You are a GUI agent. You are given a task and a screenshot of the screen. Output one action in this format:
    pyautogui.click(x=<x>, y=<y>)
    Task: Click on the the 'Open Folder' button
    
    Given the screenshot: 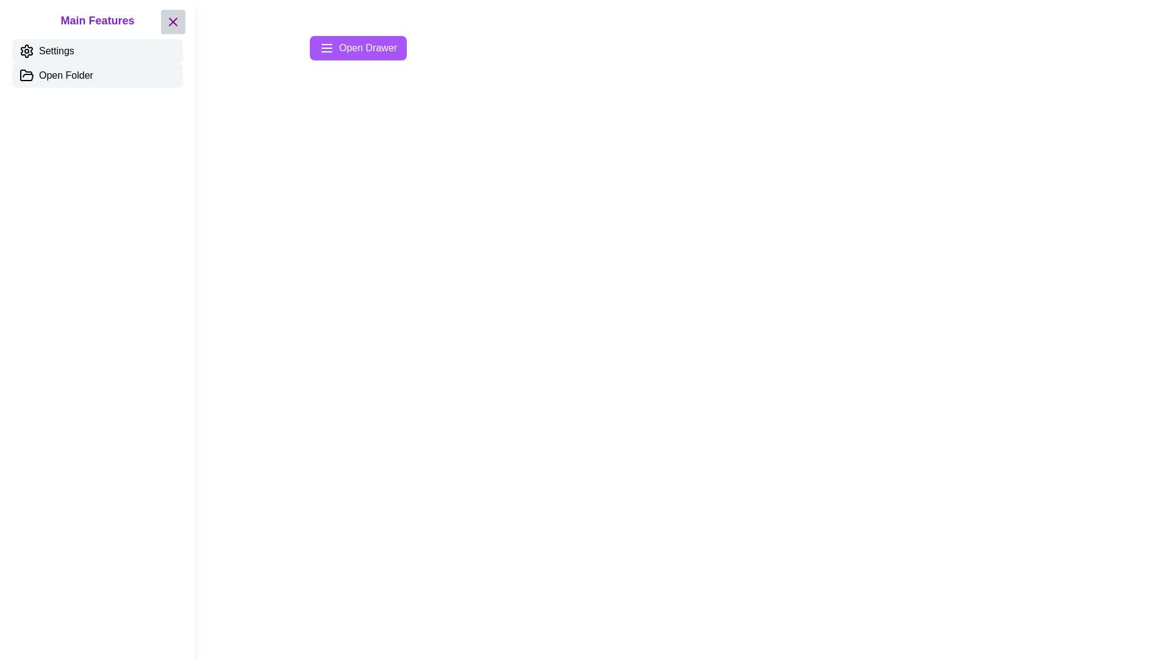 What is the action you would take?
    pyautogui.click(x=96, y=75)
    